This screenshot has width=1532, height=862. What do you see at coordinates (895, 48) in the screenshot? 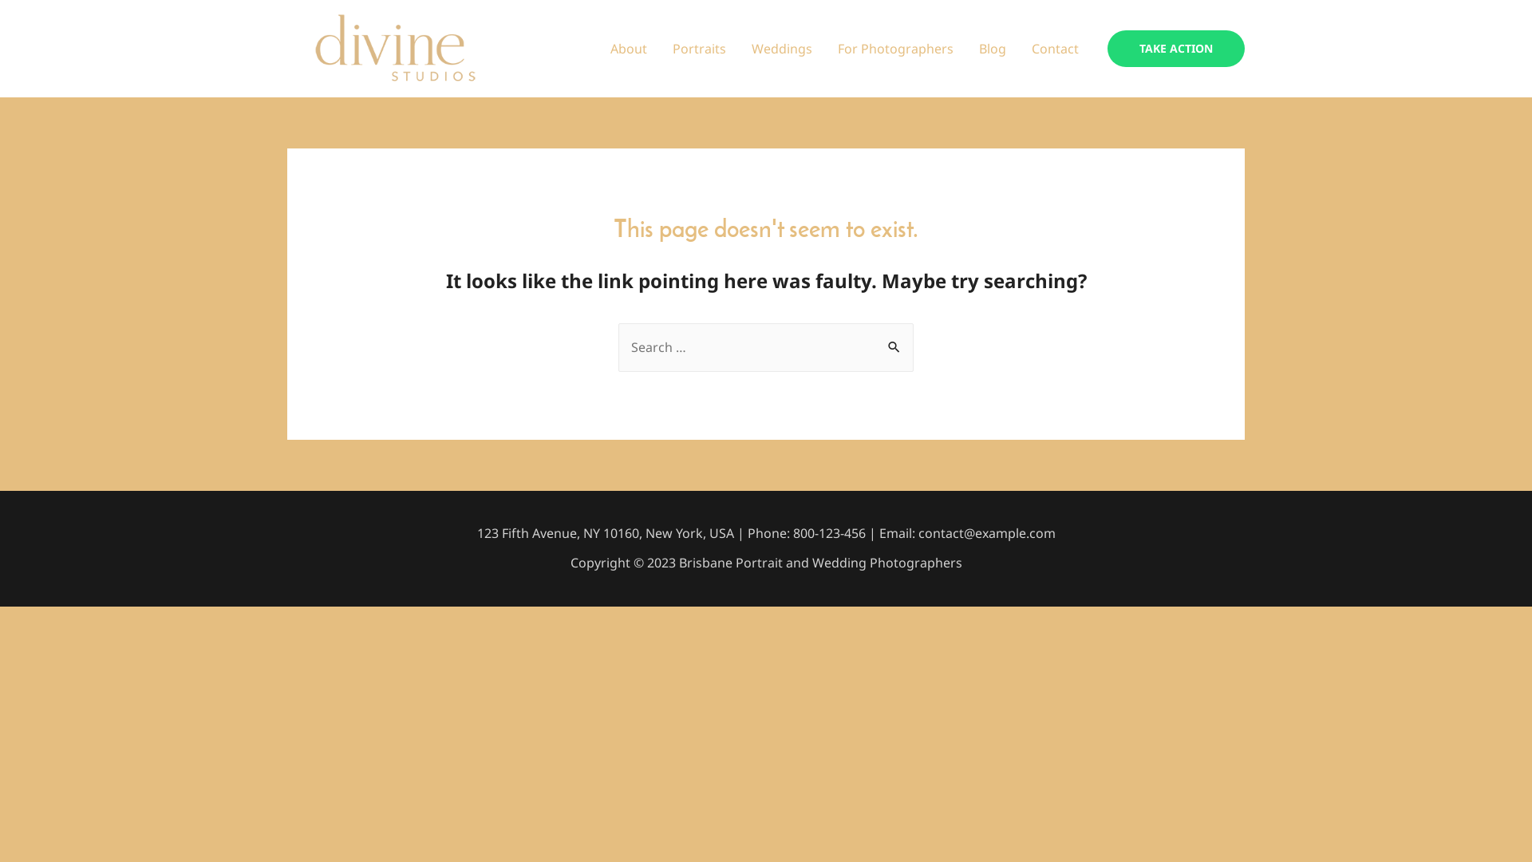
I see `'For Photographers'` at bounding box center [895, 48].